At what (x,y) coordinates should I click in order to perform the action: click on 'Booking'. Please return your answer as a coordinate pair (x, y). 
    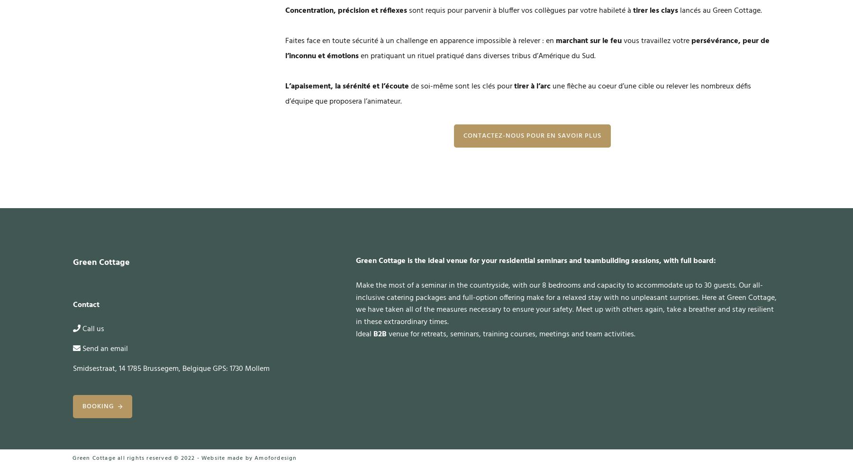
    Looking at the image, I should click on (98, 406).